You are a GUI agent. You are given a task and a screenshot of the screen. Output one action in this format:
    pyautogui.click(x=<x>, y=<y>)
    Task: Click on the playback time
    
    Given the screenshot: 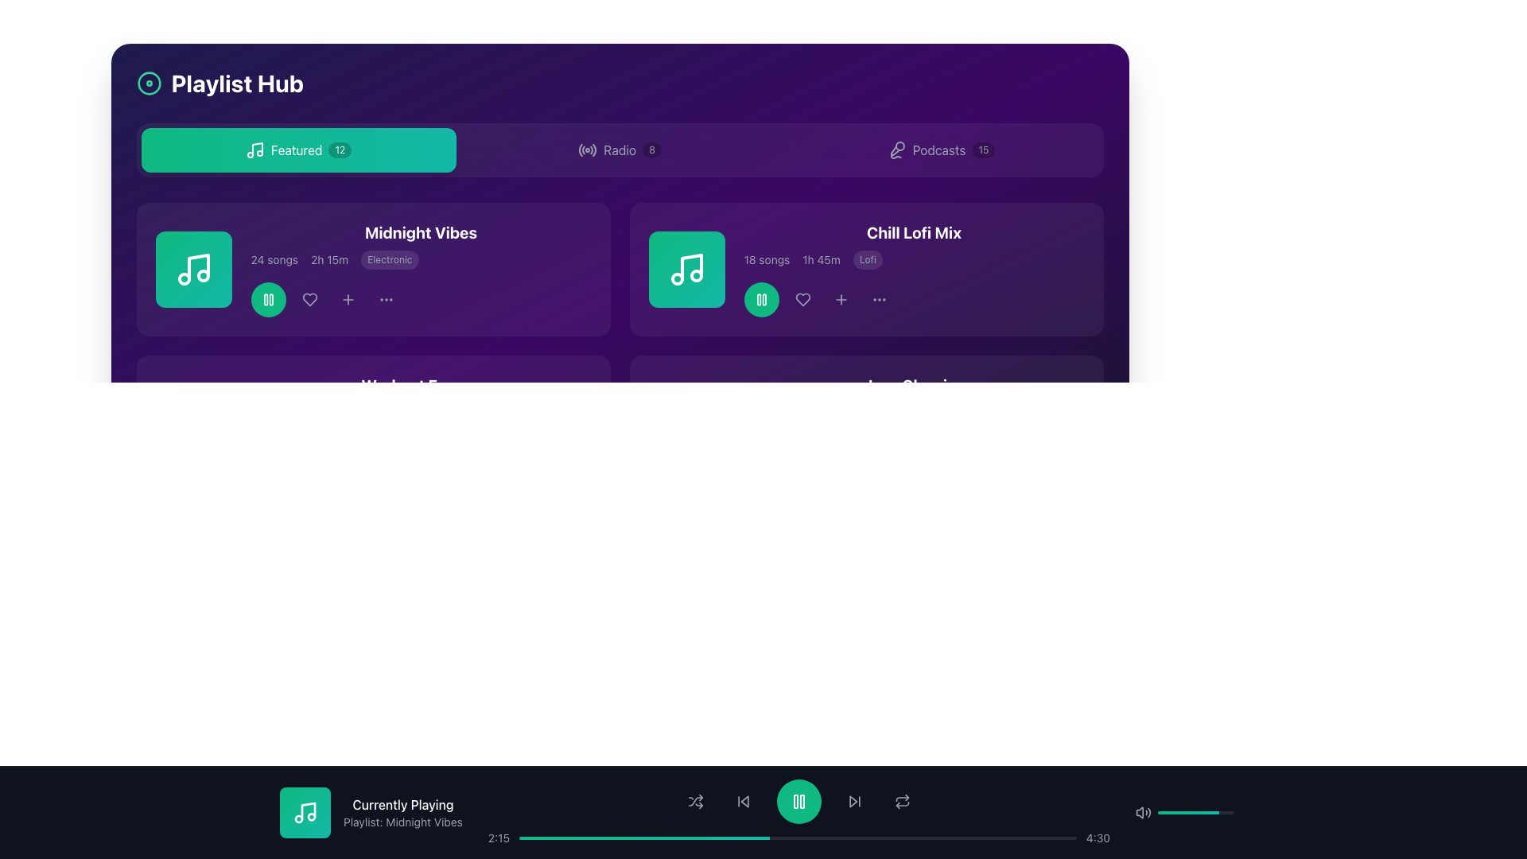 What is the action you would take?
    pyautogui.click(x=779, y=837)
    